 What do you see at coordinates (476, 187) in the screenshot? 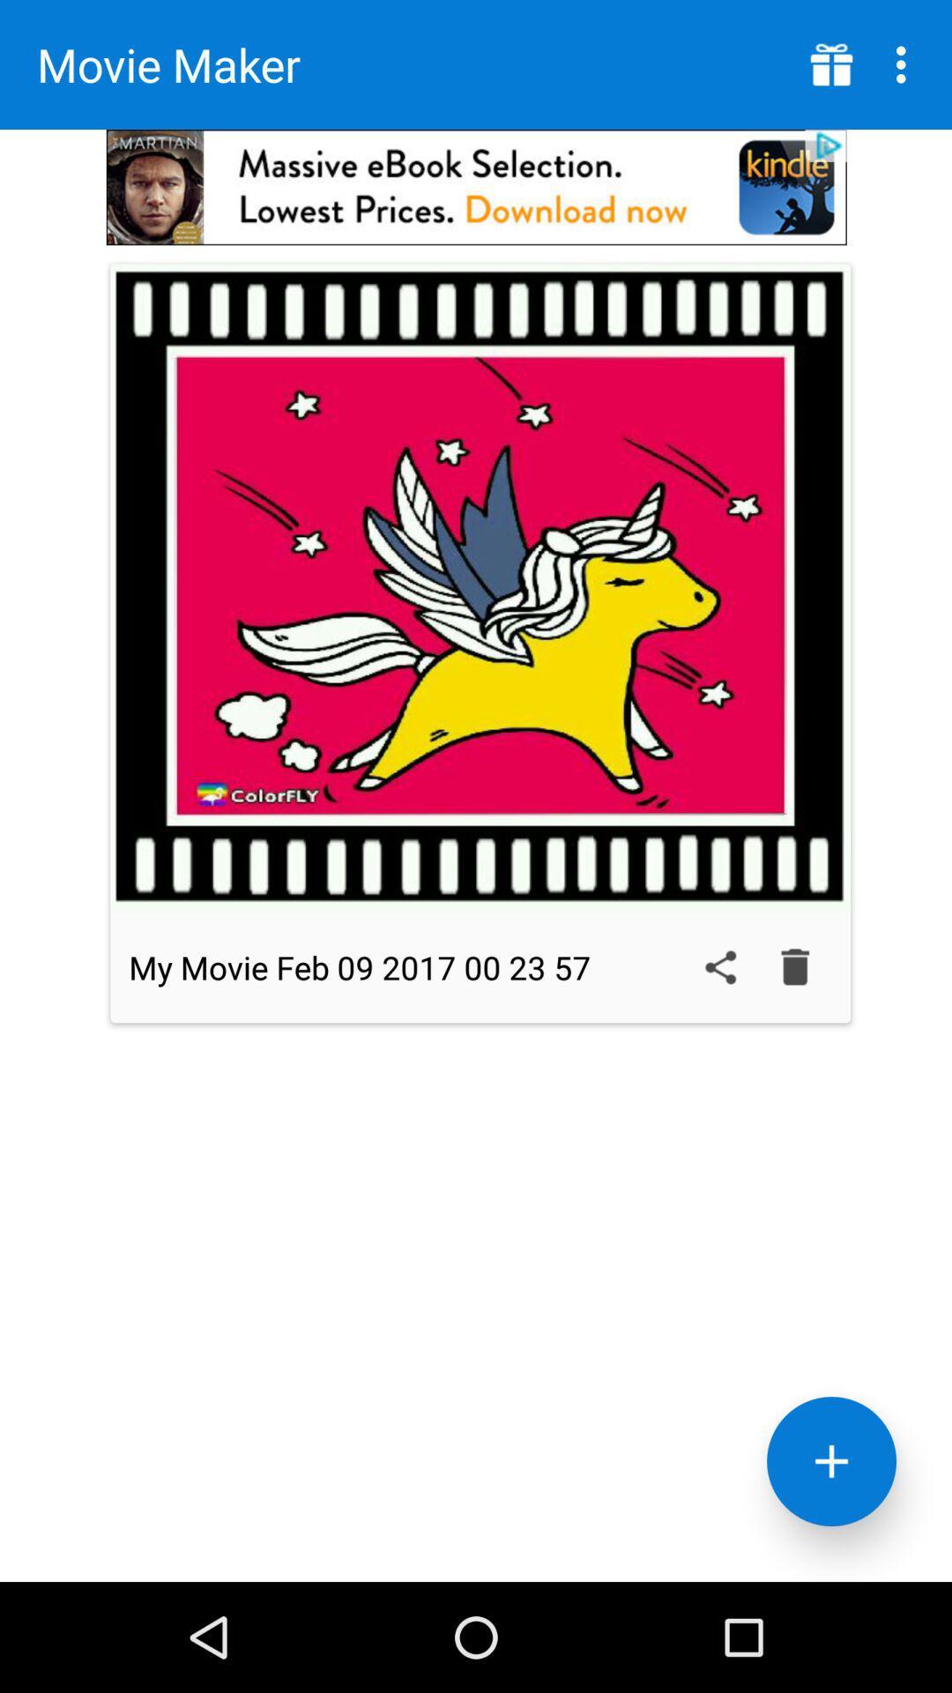
I see `visit advertiser` at bounding box center [476, 187].